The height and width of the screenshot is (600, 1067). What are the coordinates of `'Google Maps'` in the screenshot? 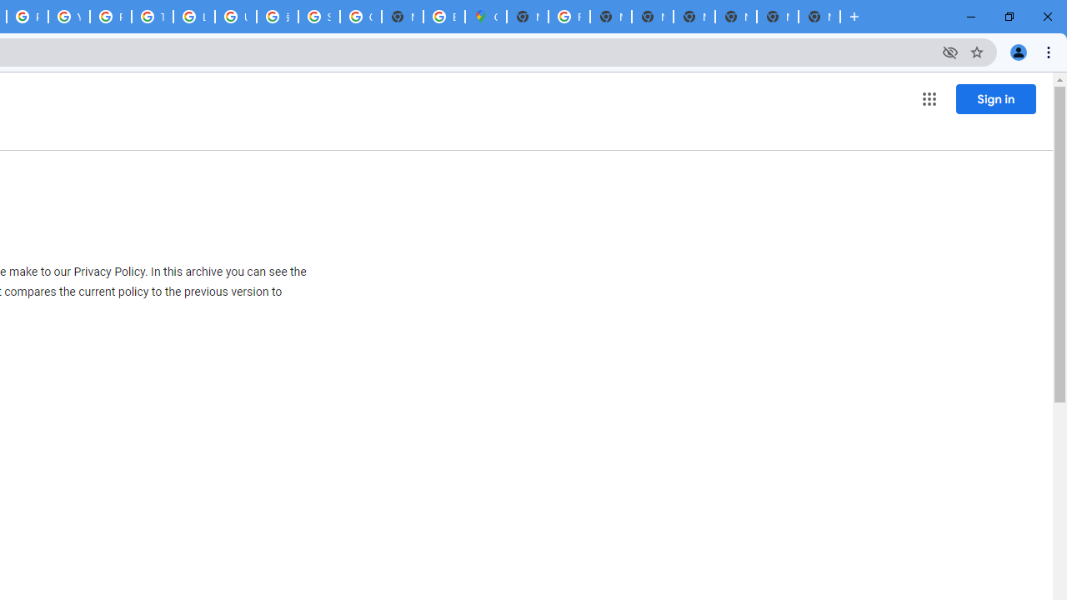 It's located at (485, 17).